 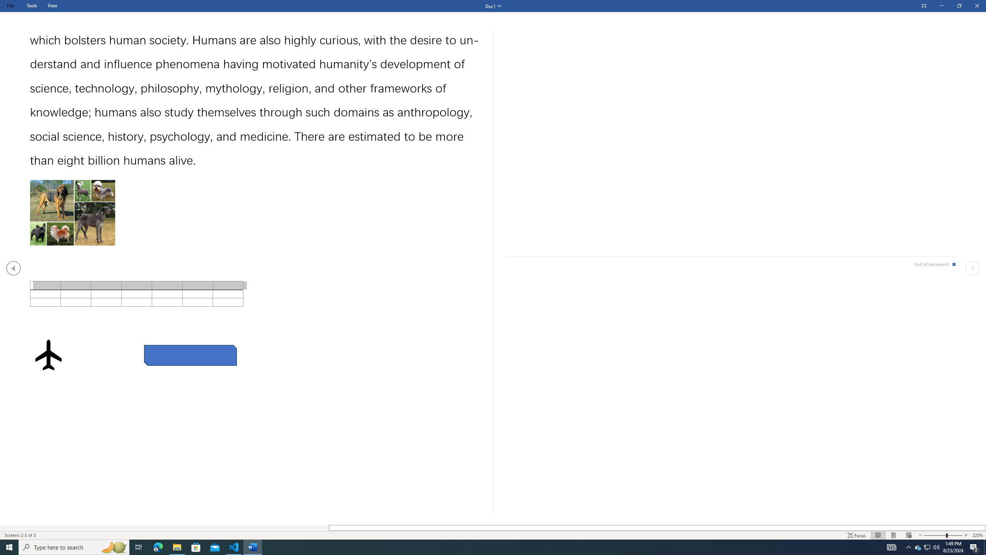 What do you see at coordinates (190, 355) in the screenshot?
I see `'Rectangle: Diagonal Corners Snipped 2'` at bounding box center [190, 355].